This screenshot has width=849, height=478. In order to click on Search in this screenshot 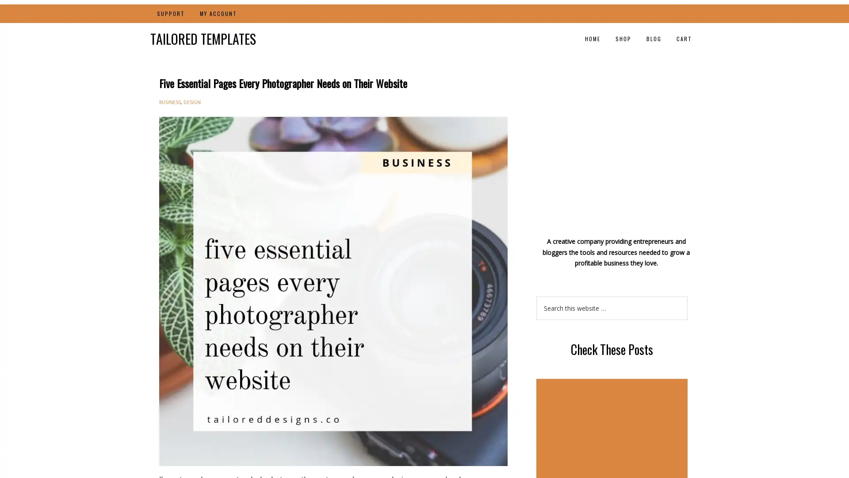, I will do `click(687, 296)`.